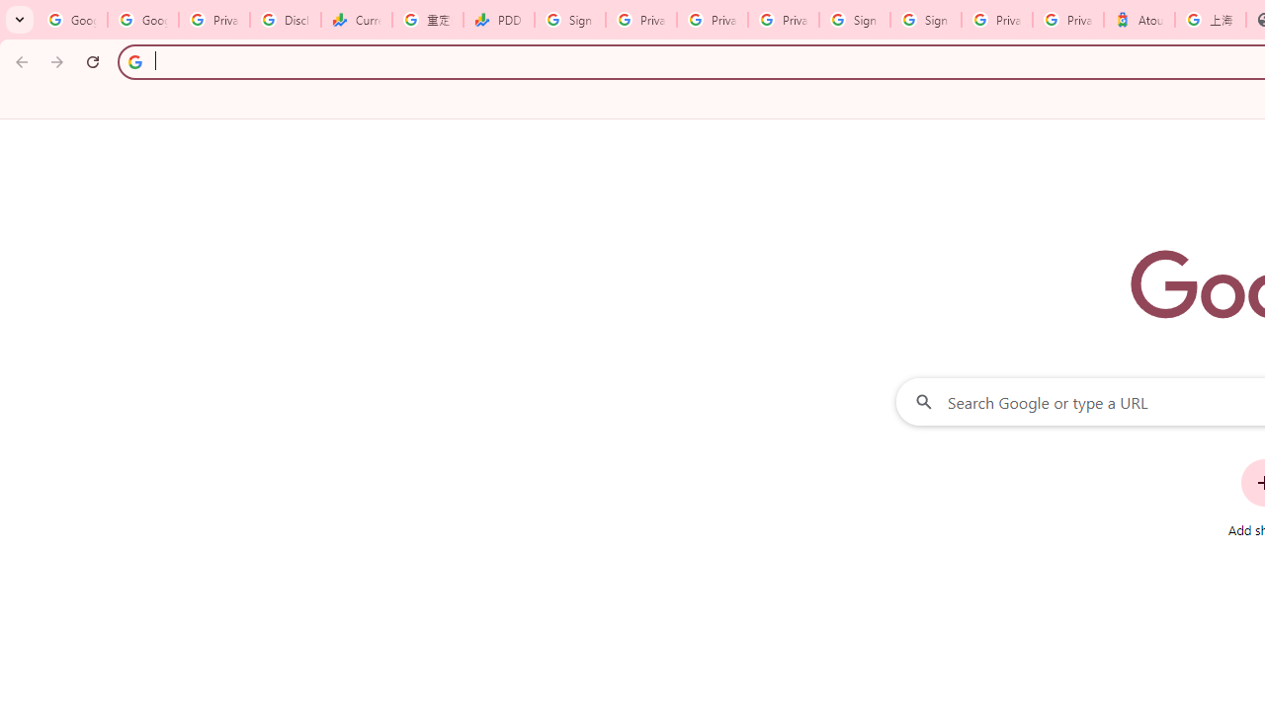  Describe the element at coordinates (855, 20) in the screenshot. I see `'Sign in - Google Accounts'` at that location.